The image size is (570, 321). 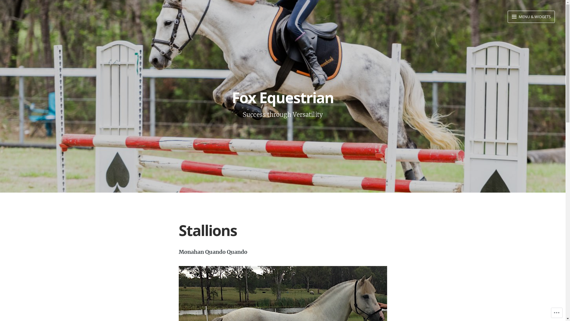 What do you see at coordinates (282, 97) in the screenshot?
I see `'Fox Equestrian'` at bounding box center [282, 97].